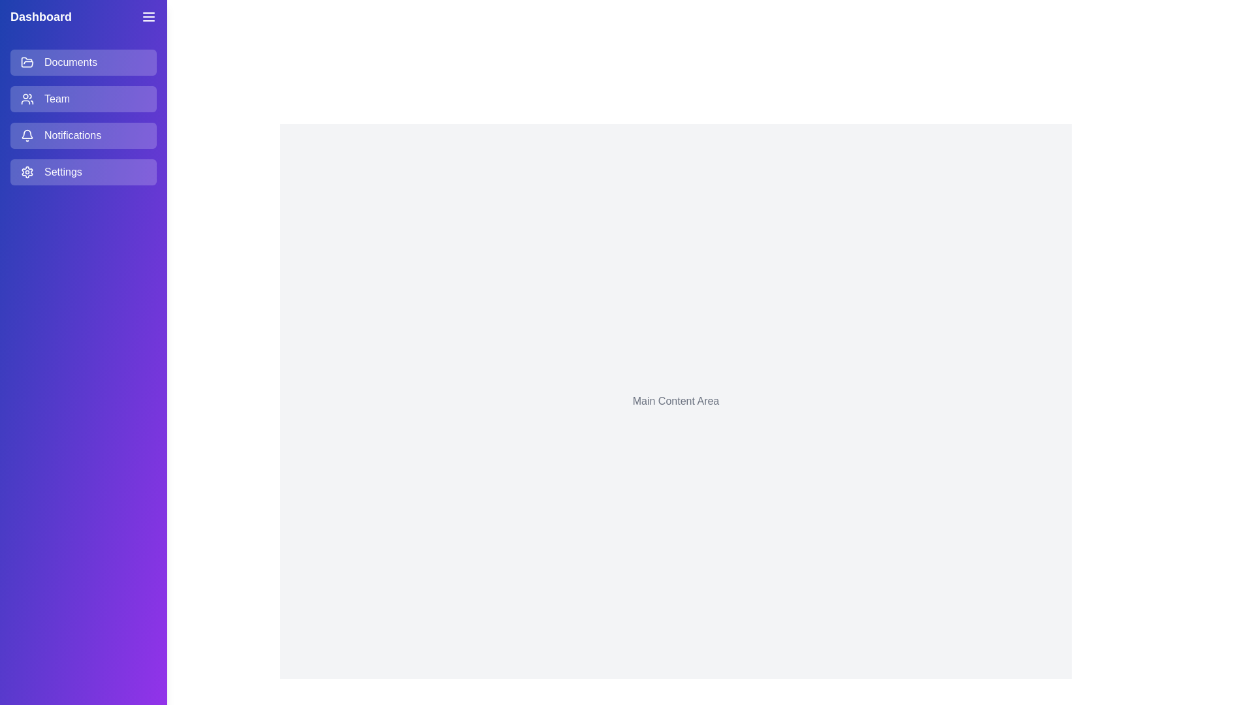 This screenshot has height=705, width=1254. Describe the element at coordinates (83, 171) in the screenshot. I see `the menu item Settings to observe hover effects` at that location.